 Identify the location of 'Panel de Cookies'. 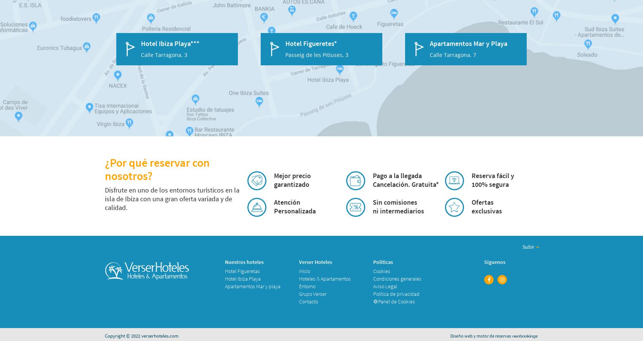
(396, 302).